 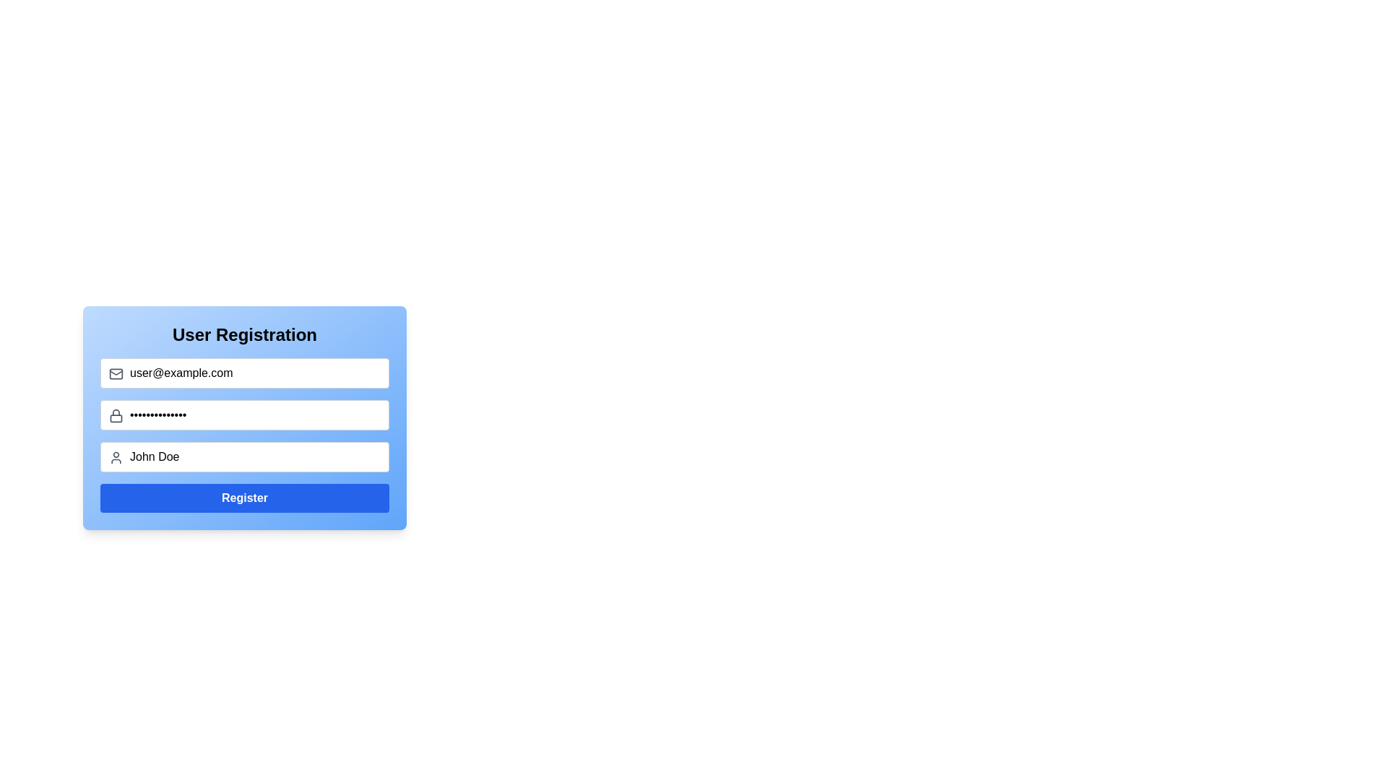 I want to click on the submit button at the bottom of the form to initiate the registration process, so click(x=245, y=498).